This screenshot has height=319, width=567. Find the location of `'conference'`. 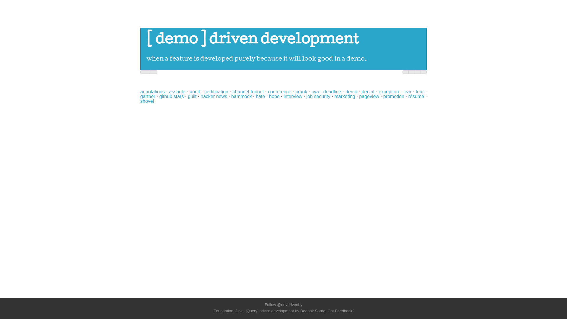

'conference' is located at coordinates (279, 92).